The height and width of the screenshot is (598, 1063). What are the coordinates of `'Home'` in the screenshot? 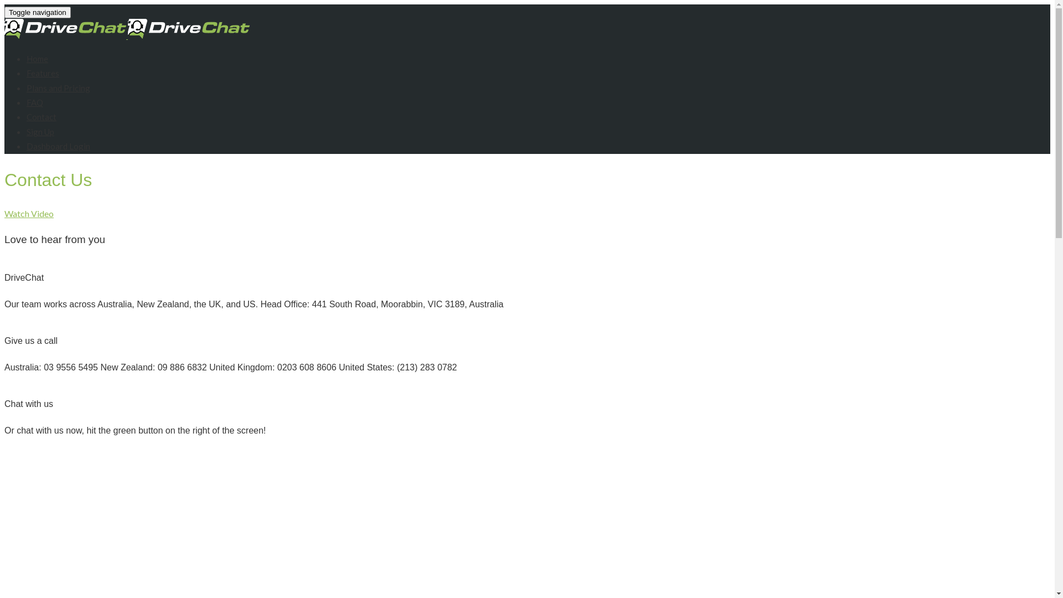 It's located at (37, 58).